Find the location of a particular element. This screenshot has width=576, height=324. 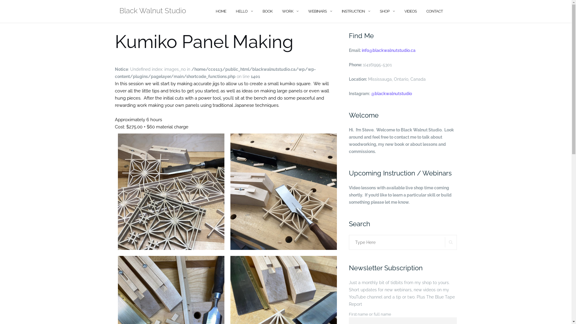

'INSTRUCTION' is located at coordinates (353, 11).